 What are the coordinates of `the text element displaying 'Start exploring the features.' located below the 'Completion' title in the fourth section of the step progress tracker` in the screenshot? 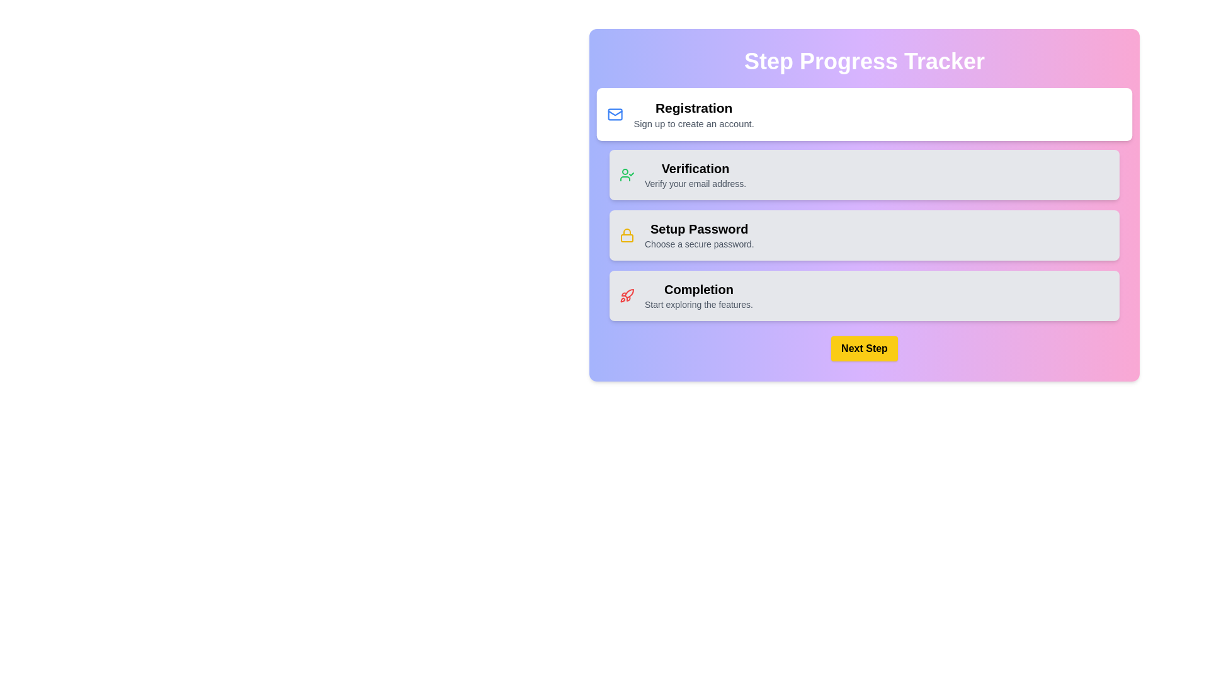 It's located at (698, 304).